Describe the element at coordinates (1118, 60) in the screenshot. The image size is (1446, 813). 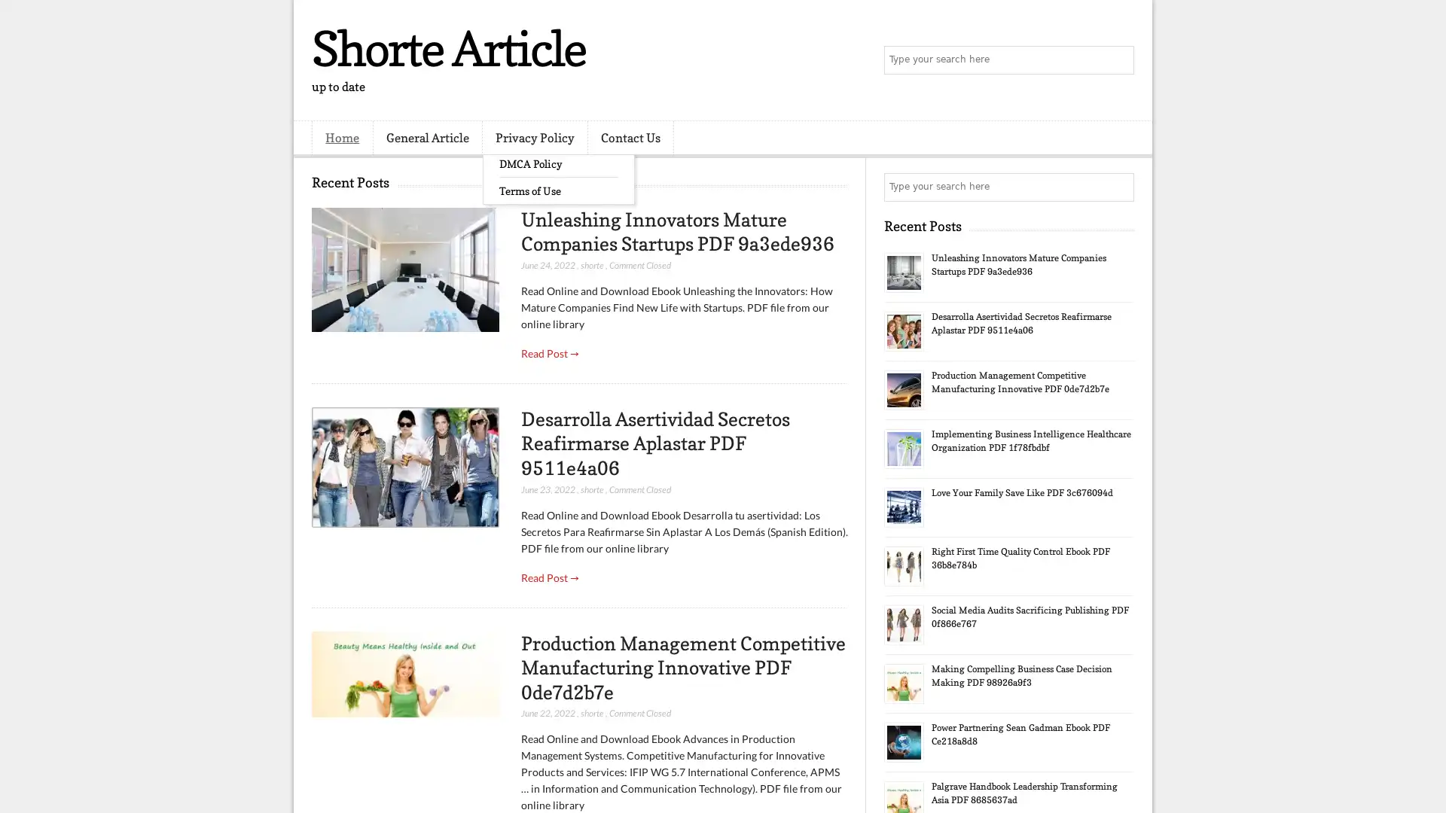
I see `Search` at that location.